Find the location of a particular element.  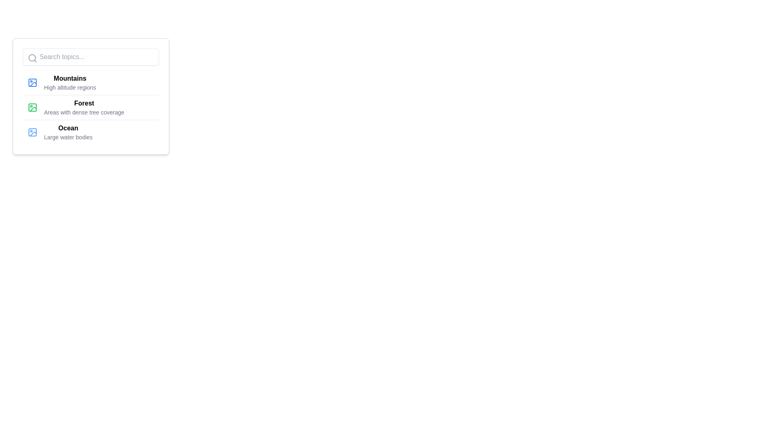

the text label 'Areas with dense tree coverage', which is styled in a smaller font and muted gray color, located directly below the bold title 'Forest' in the left panel of the interface is located at coordinates (84, 112).